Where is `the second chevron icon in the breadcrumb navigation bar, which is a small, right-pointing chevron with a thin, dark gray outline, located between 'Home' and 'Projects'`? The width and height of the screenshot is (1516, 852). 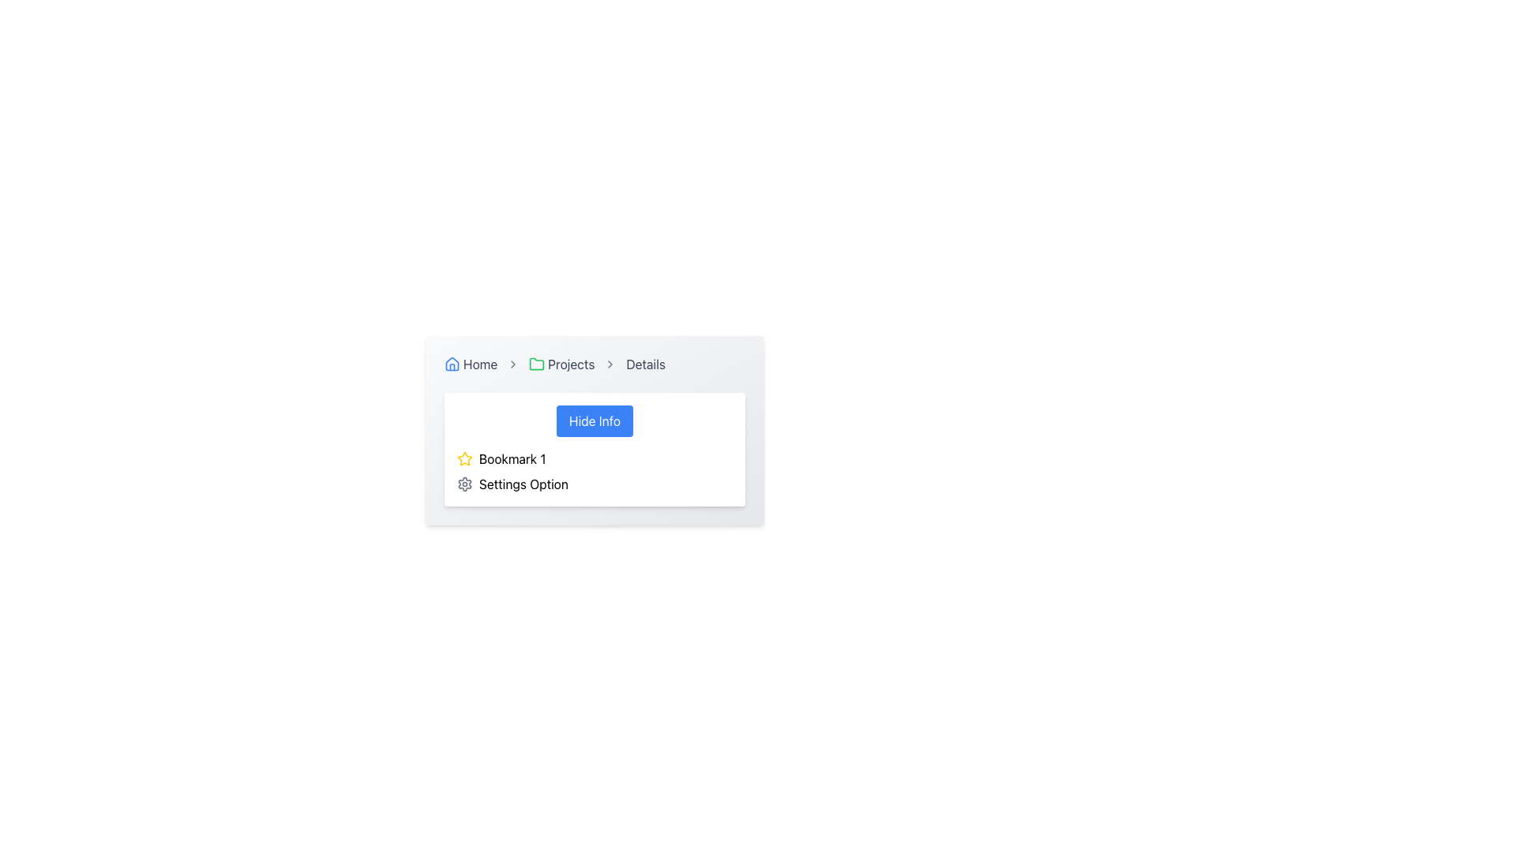 the second chevron icon in the breadcrumb navigation bar, which is a small, right-pointing chevron with a thin, dark gray outline, located between 'Home' and 'Projects' is located at coordinates (513, 364).